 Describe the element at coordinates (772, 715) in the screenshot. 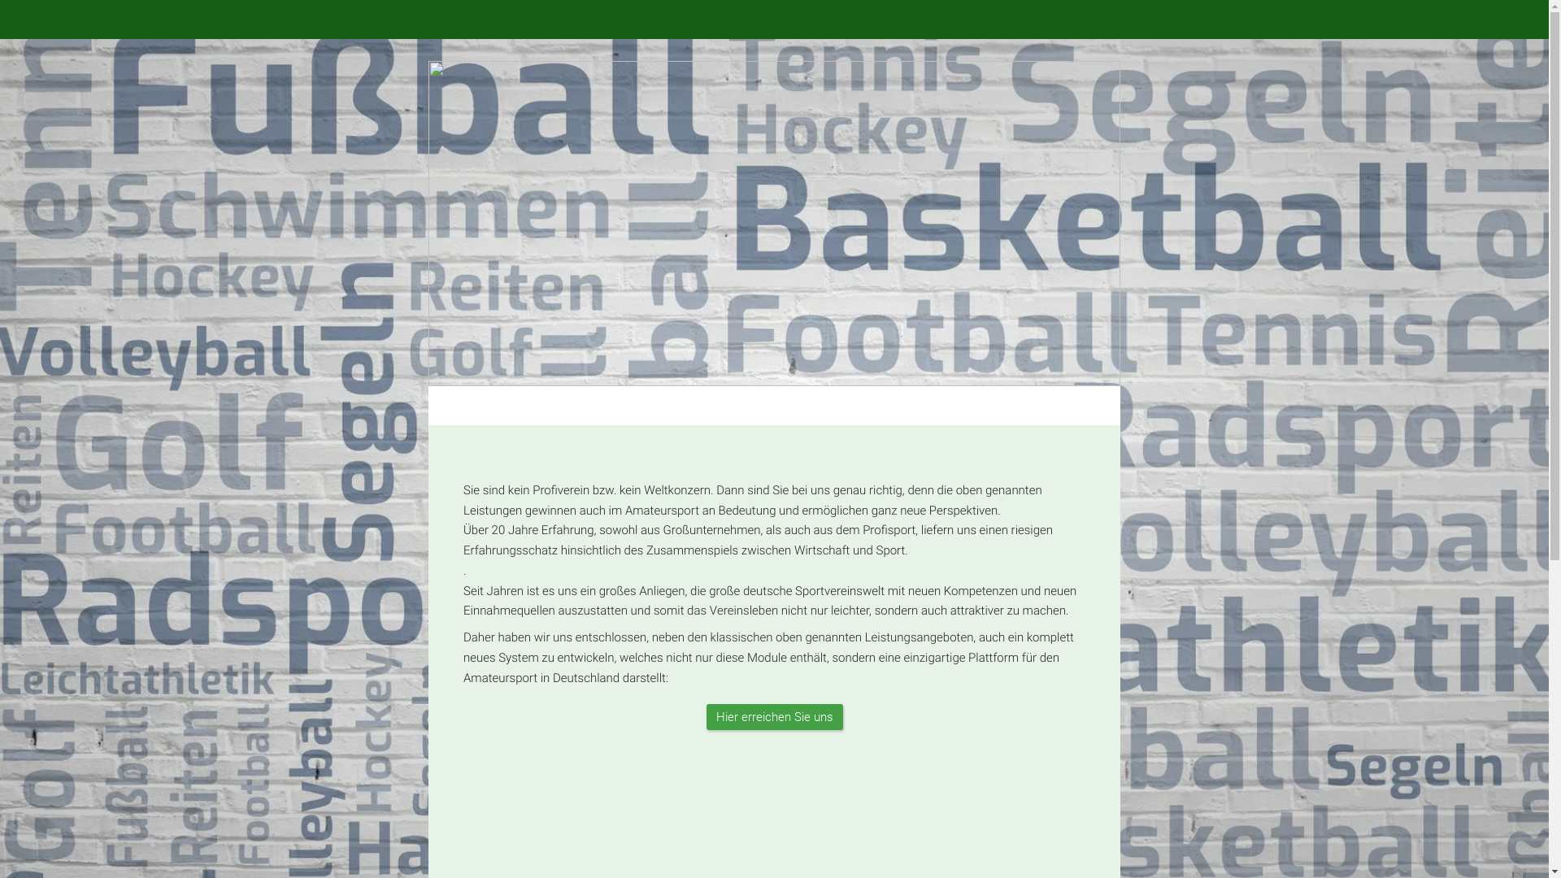

I see `'Hier erreichen Sie uns'` at that location.